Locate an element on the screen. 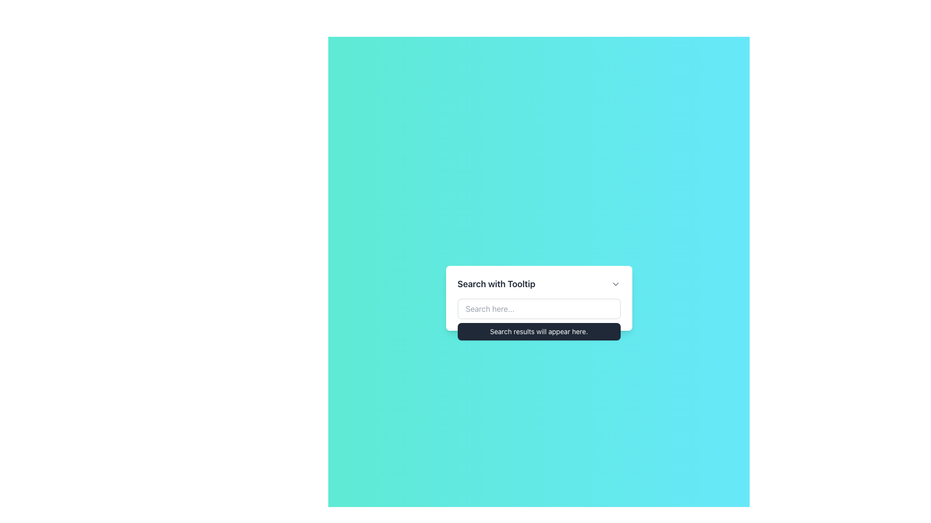 This screenshot has width=931, height=523. the downward-pointing chevron icon in the top right corner of the 'Search with Tooltip' header is located at coordinates (615, 283).